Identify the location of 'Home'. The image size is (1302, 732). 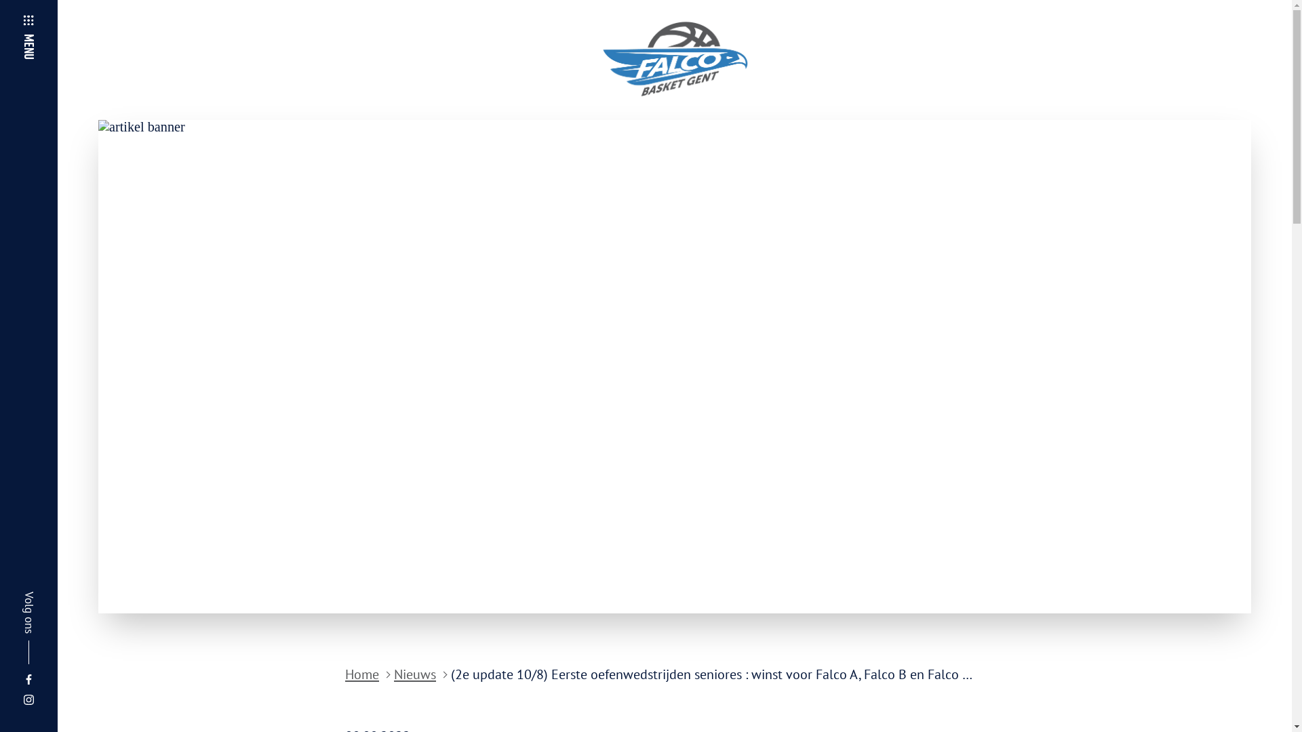
(361, 674).